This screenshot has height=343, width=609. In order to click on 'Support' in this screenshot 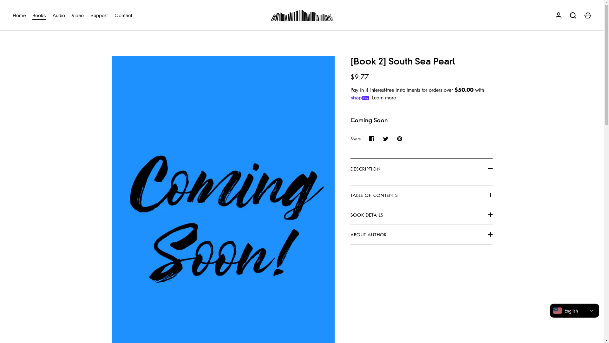, I will do `click(99, 15)`.